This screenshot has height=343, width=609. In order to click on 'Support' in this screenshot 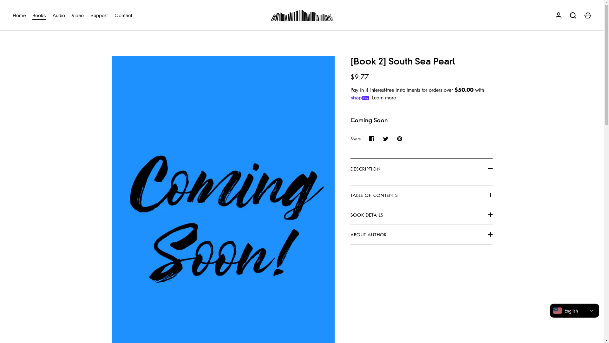, I will do `click(99, 15)`.